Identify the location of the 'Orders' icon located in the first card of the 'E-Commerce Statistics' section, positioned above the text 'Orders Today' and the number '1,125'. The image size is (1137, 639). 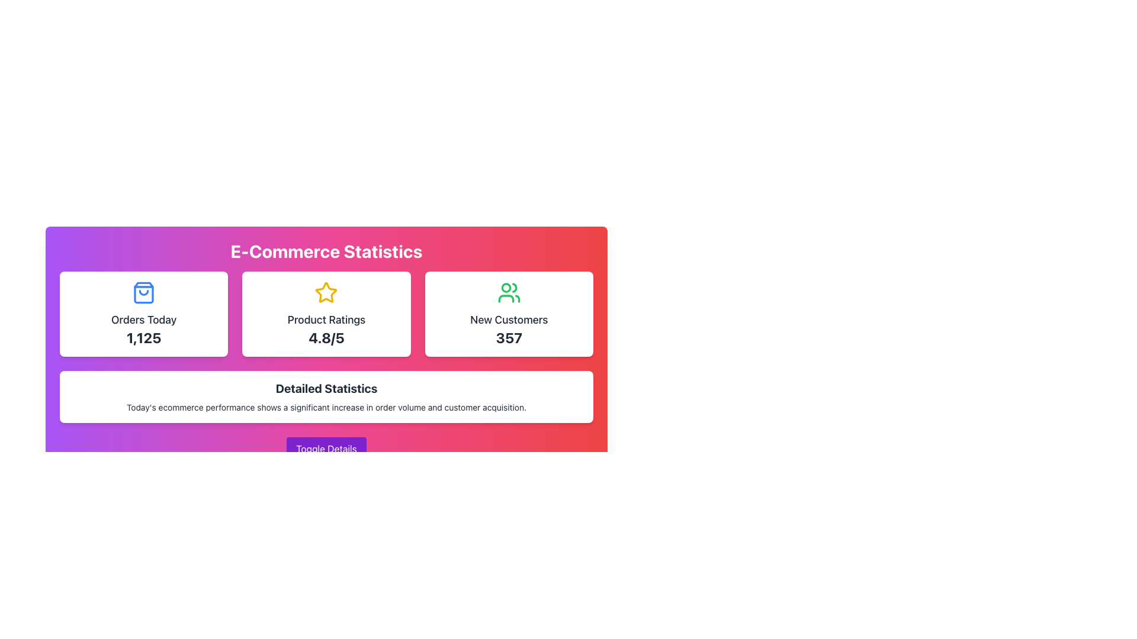
(143, 292).